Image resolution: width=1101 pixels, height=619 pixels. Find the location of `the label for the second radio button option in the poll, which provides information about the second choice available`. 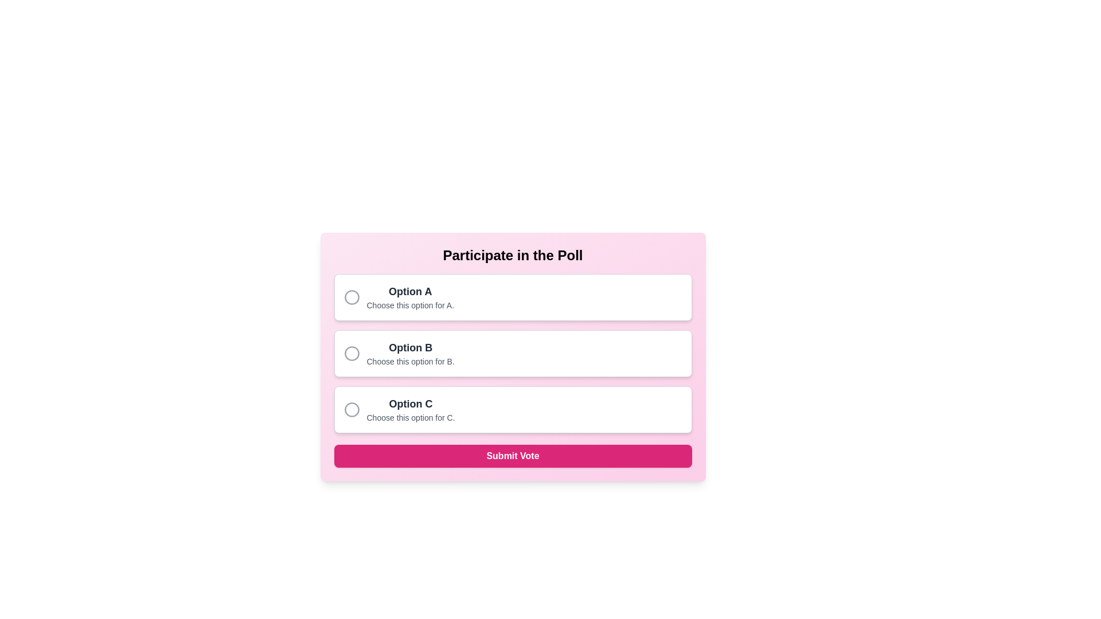

the label for the second radio button option in the poll, which provides information about the second choice available is located at coordinates (411, 353).